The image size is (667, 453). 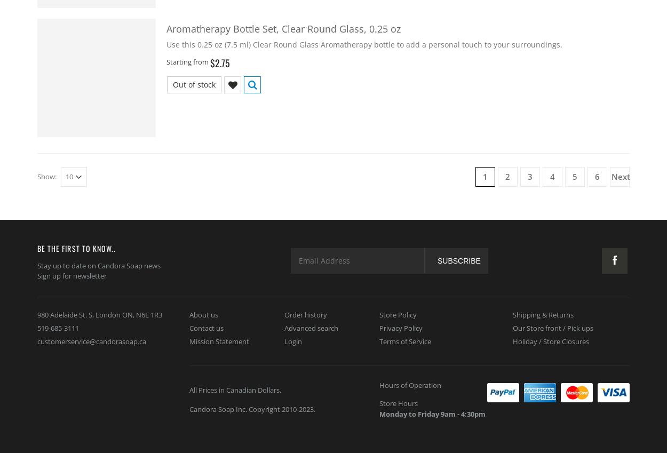 What do you see at coordinates (507, 176) in the screenshot?
I see `'2'` at bounding box center [507, 176].